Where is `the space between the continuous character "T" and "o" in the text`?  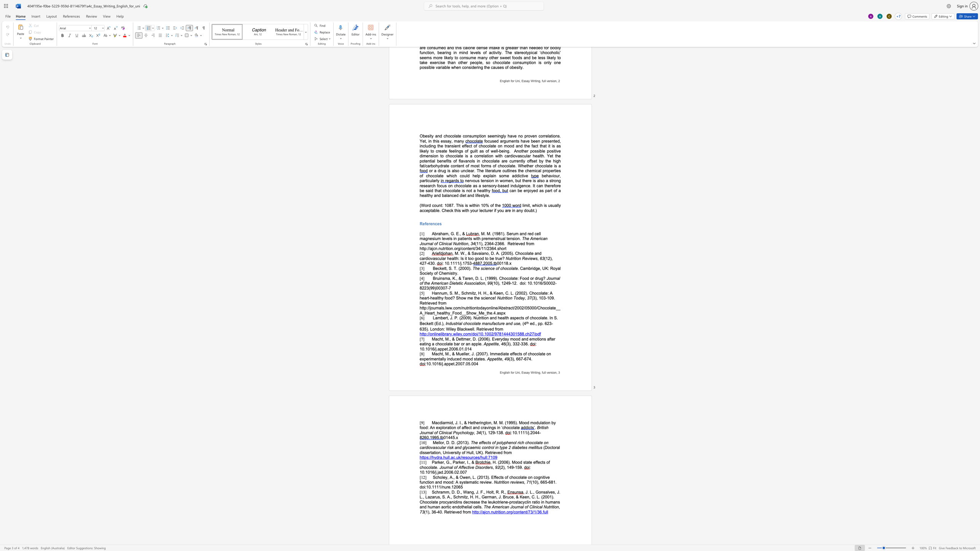
the space between the continuous character "T" and "o" in the text is located at coordinates (515, 298).